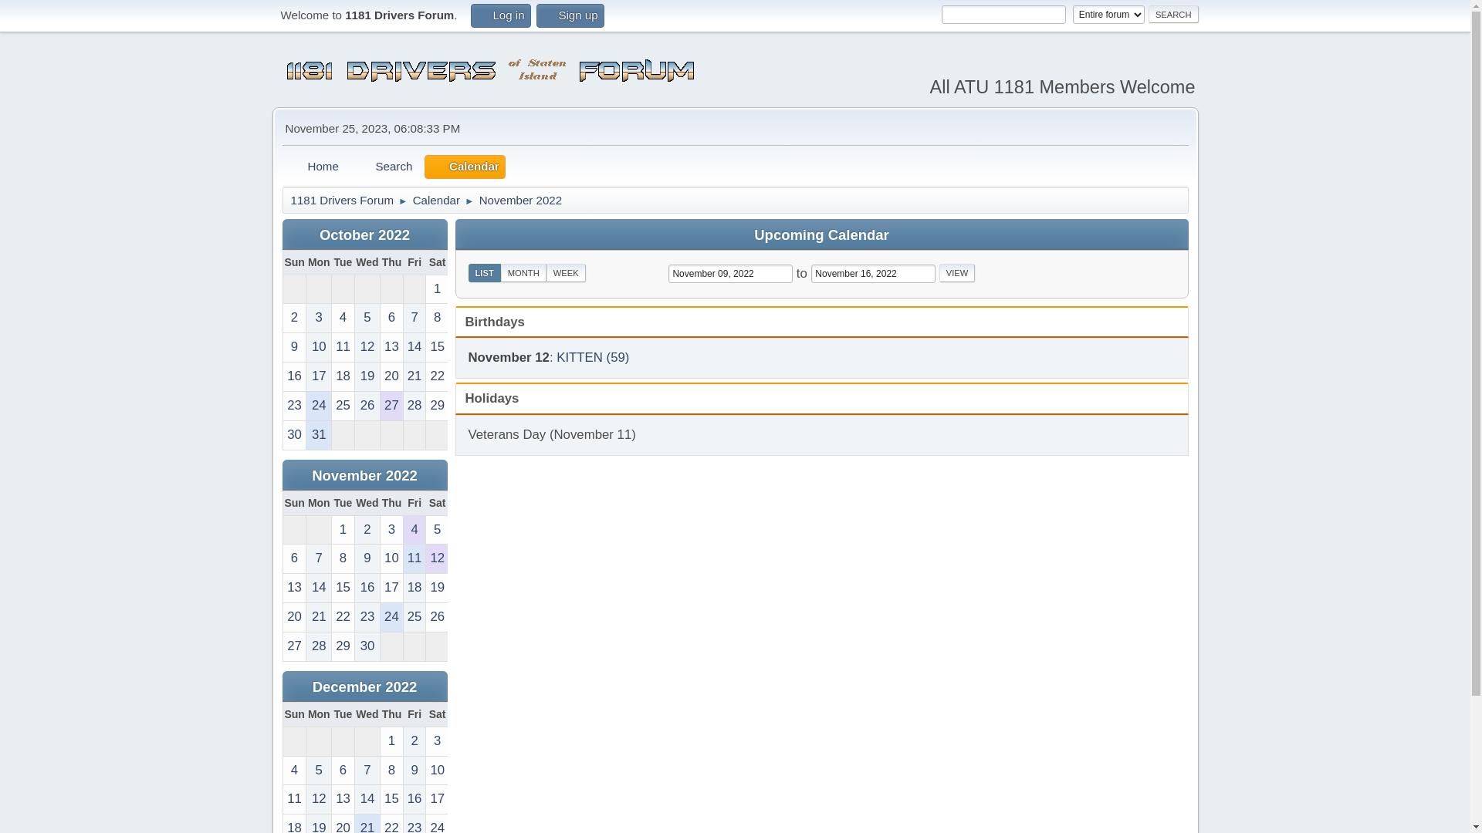 This screenshot has height=833, width=1482. What do you see at coordinates (391, 588) in the screenshot?
I see `'17'` at bounding box center [391, 588].